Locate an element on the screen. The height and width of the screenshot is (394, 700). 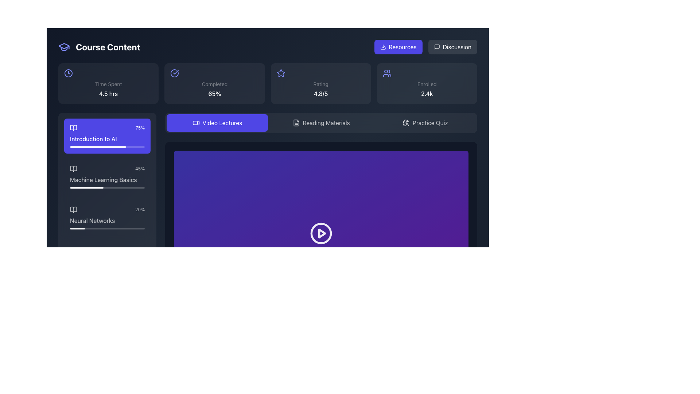
text label displaying 'Introduction to AI' which is styled in medium font weight and located inside the interactive card of the 'Course Content' section is located at coordinates (107, 139).